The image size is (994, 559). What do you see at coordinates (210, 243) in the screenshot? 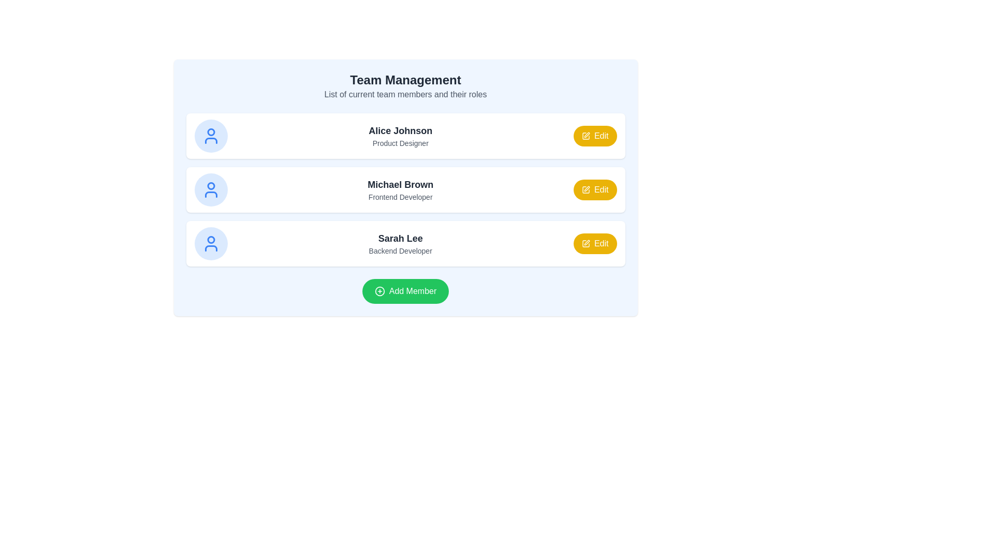
I see `the user avatar icon with a light blue background and a user symbol, located in the third row next to 'Sarah Lee, Backend Developer' in the Team Management panel` at bounding box center [210, 243].